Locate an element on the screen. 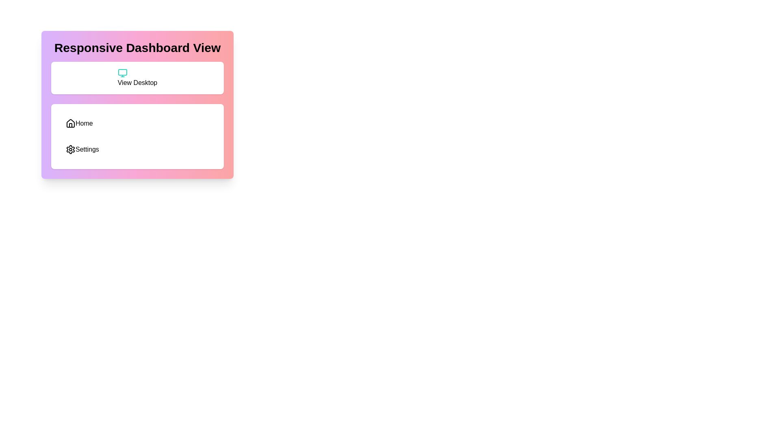 Image resolution: width=780 pixels, height=439 pixels. the navigational menu item labeled 'Home', which is positioned on the left side of the second section of the menu, aligned horizontally with a house icon is located at coordinates (84, 124).